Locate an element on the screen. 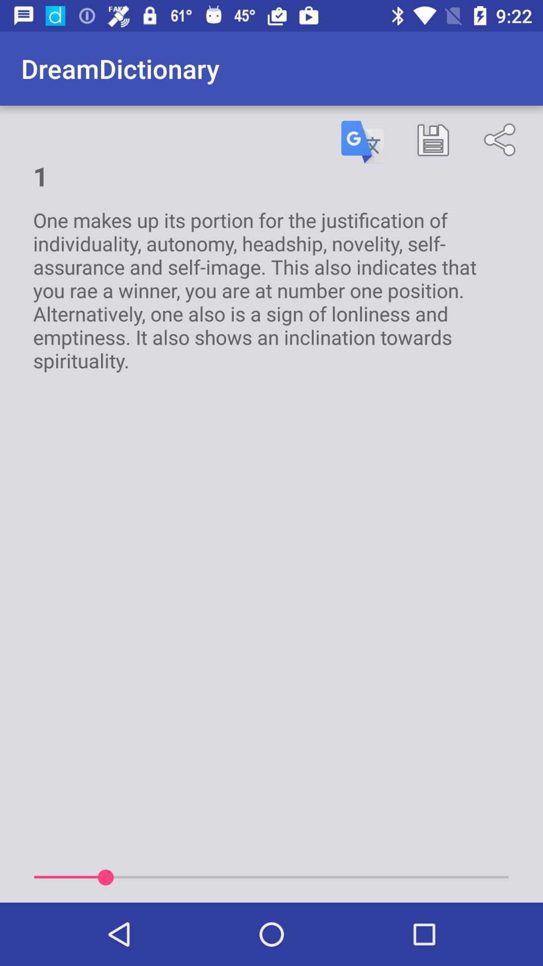 The height and width of the screenshot is (966, 543). the share icon is located at coordinates (502, 139).